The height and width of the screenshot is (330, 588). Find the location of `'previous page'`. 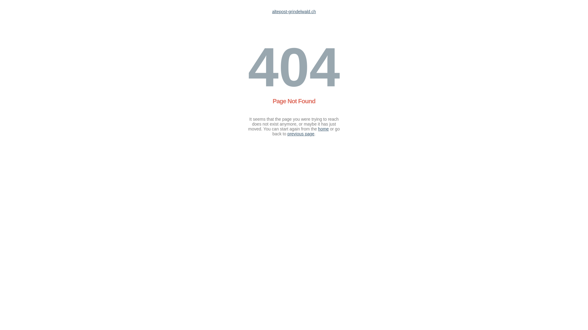

'previous page' is located at coordinates (301, 134).